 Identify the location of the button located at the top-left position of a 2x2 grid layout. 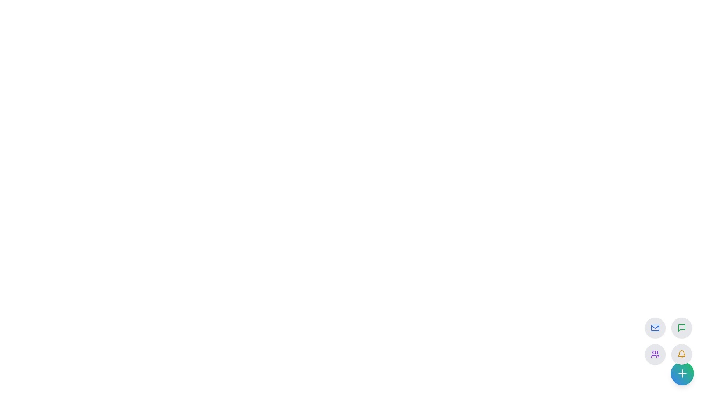
(655, 327).